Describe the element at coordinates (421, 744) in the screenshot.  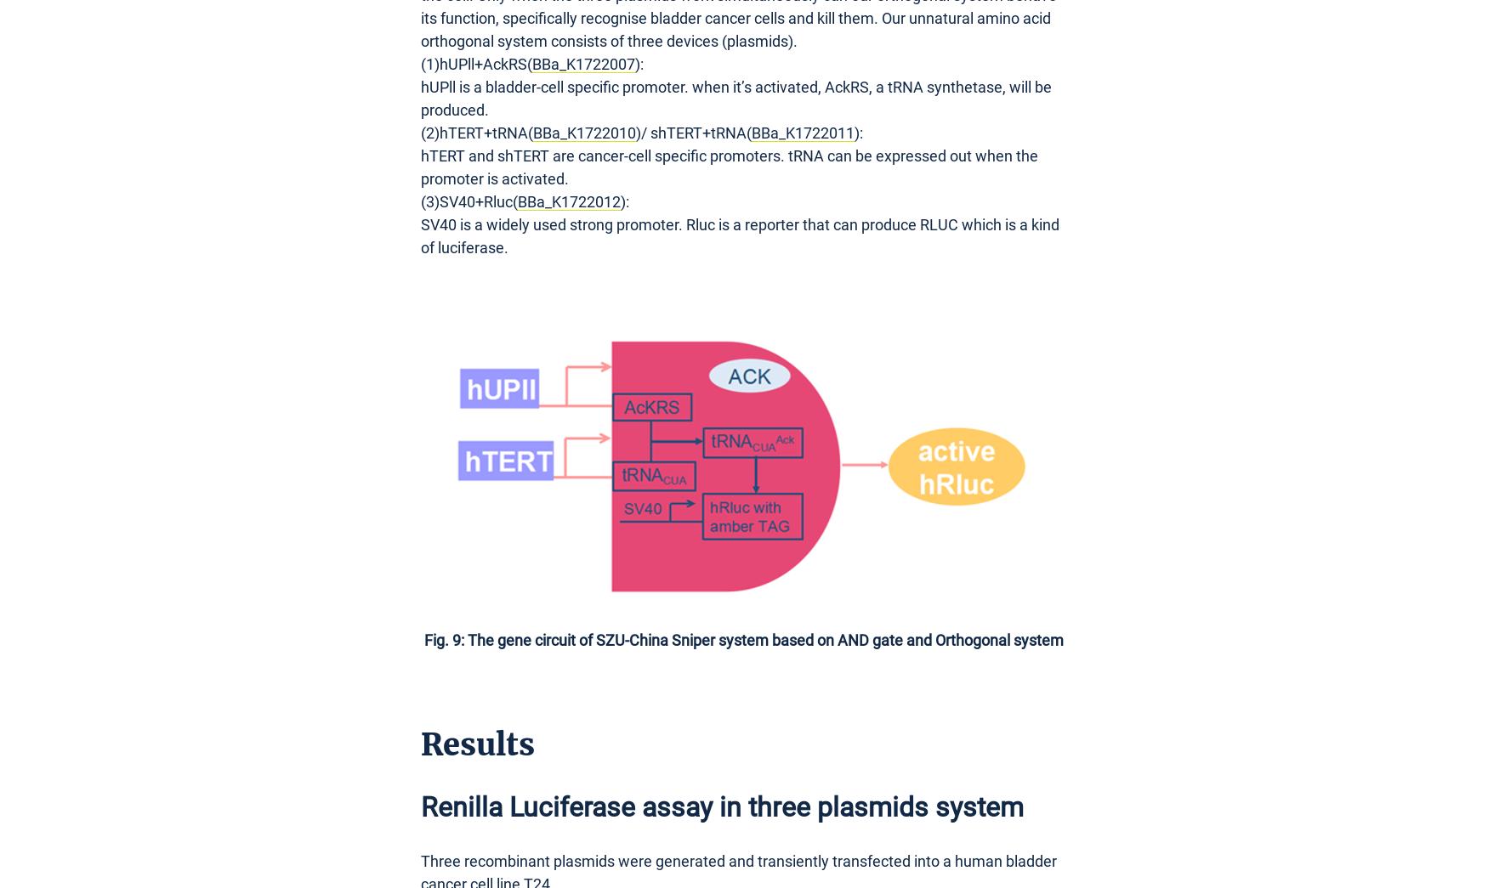
I see `'Results'` at that location.